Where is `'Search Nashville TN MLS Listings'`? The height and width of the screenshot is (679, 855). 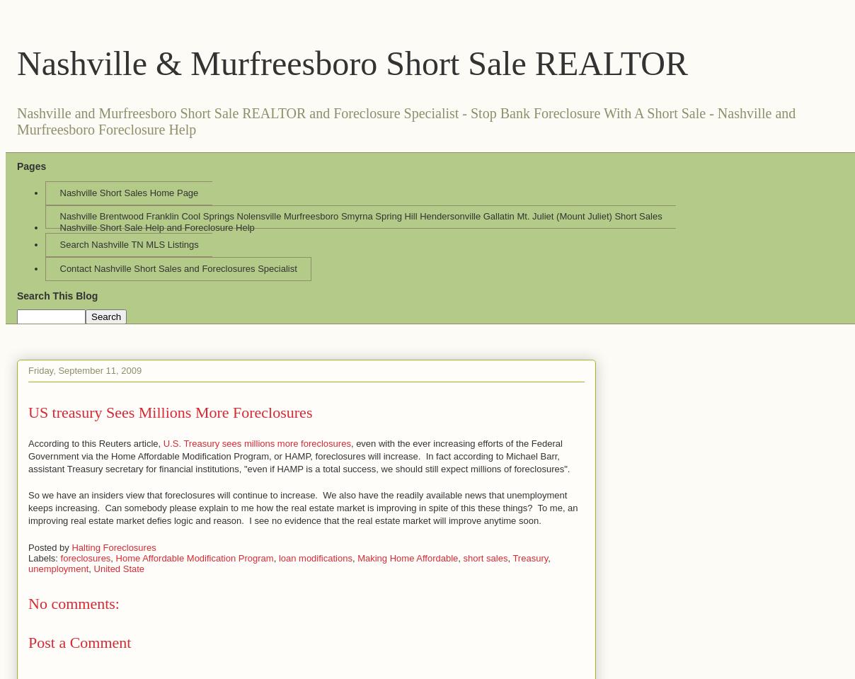
'Search Nashville TN MLS Listings' is located at coordinates (129, 244).